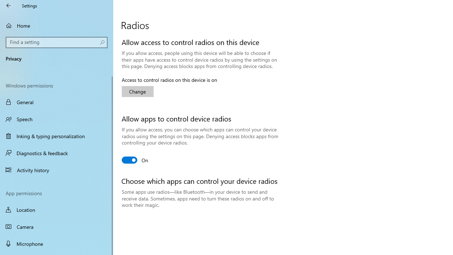  Describe the element at coordinates (57, 153) in the screenshot. I see `'Diagnostics & feedback'` at that location.